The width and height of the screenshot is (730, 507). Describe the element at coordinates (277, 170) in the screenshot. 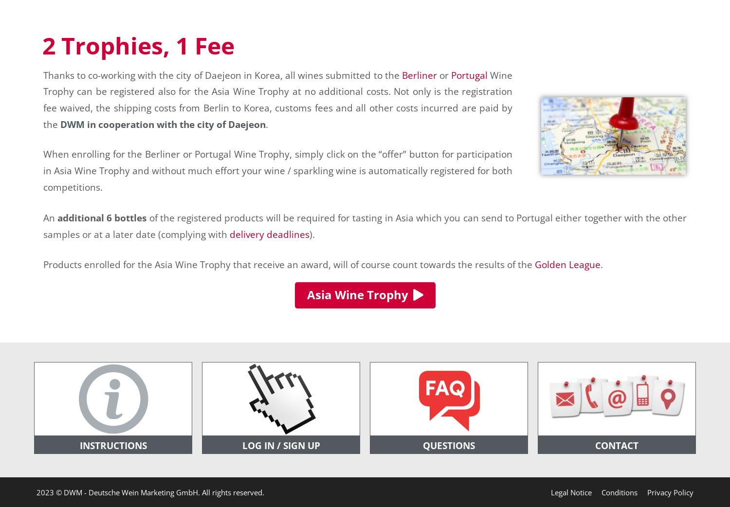

I see `'When enrolling for the Berliner or Portugal Wine Trophy, simply click on the “offer” button for participation in Asia Wine Trophy and without much effort your wine / sparkling wine is automatically registered for both competitions.'` at that location.